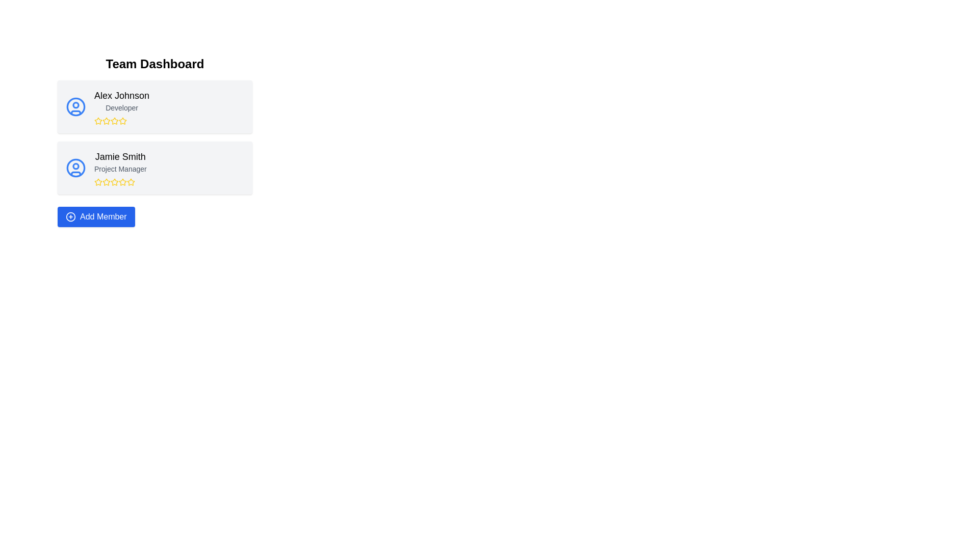  Describe the element at coordinates (70, 216) in the screenshot. I see `the blue circular element that is part of the 'Add Member' button, which is centrally aligned and visually impactful in the structured list interface` at that location.